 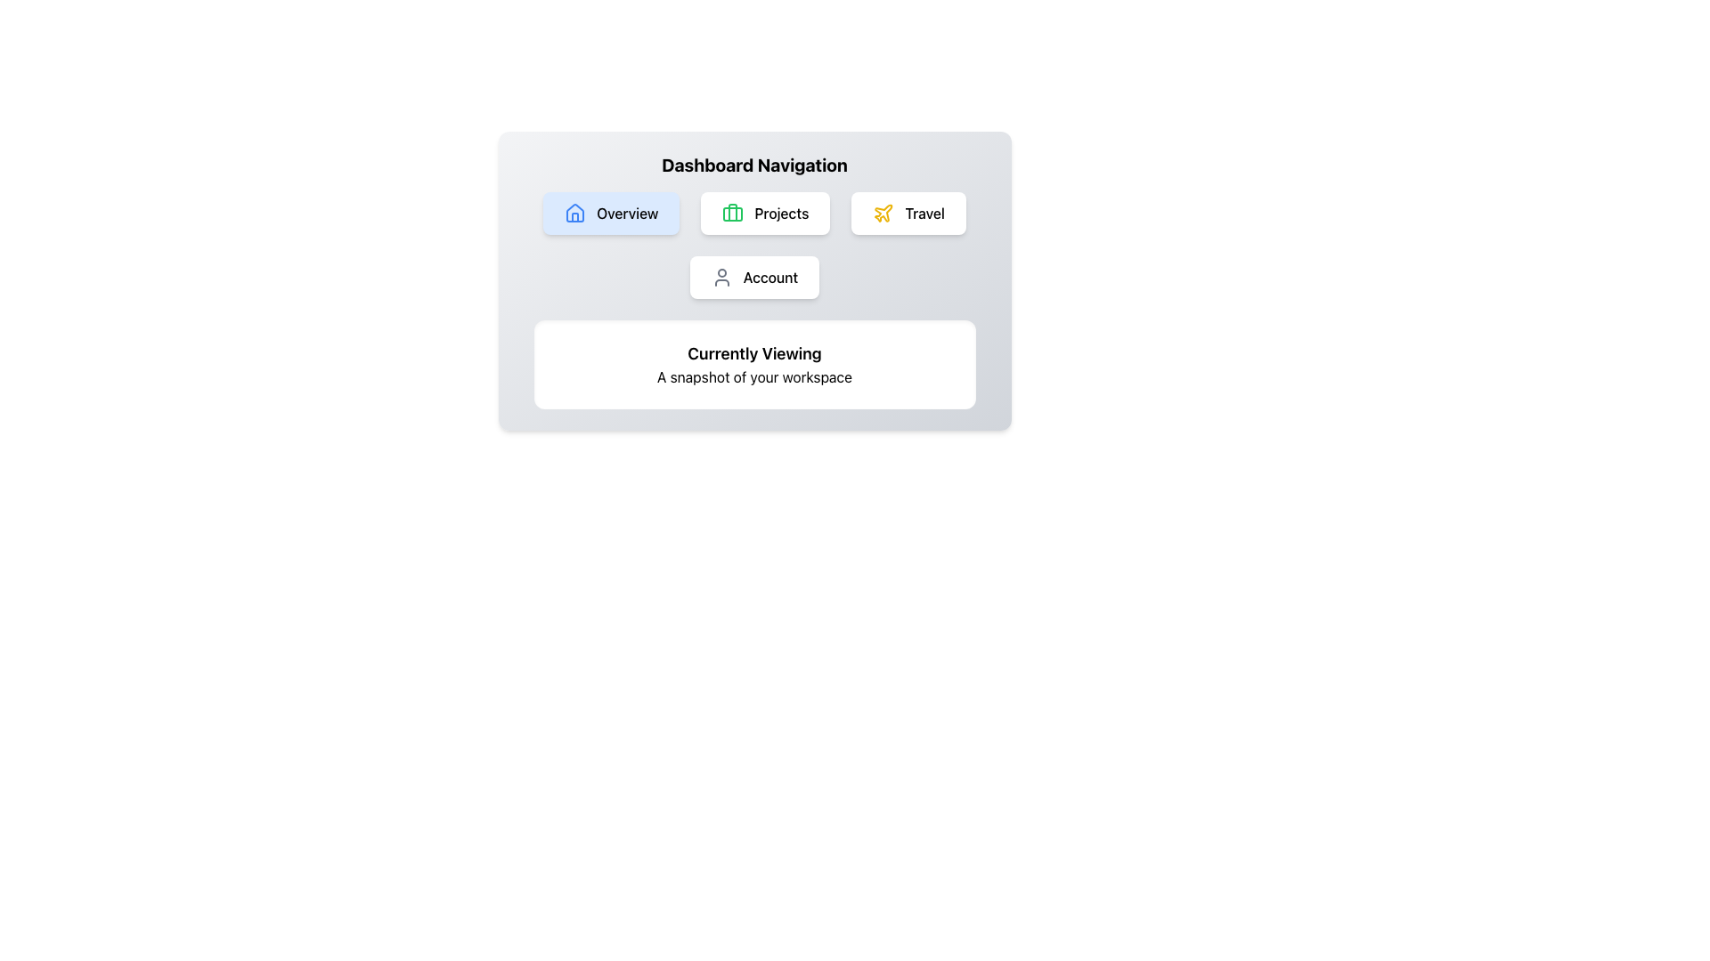 What do you see at coordinates (754, 165) in the screenshot?
I see `the header element that serves as a title for the section, located at the topmost position above the navigational buttons` at bounding box center [754, 165].